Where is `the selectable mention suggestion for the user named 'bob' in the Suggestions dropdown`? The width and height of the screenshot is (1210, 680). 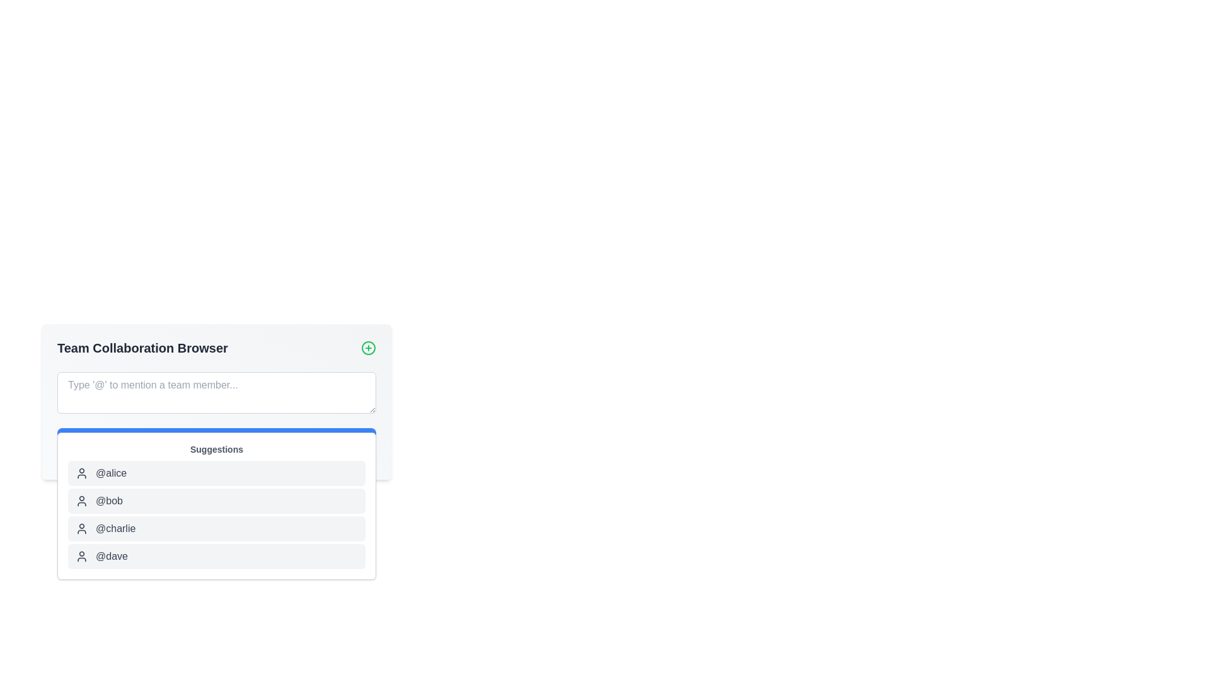 the selectable mention suggestion for the user named 'bob' in the Suggestions dropdown is located at coordinates (109, 500).